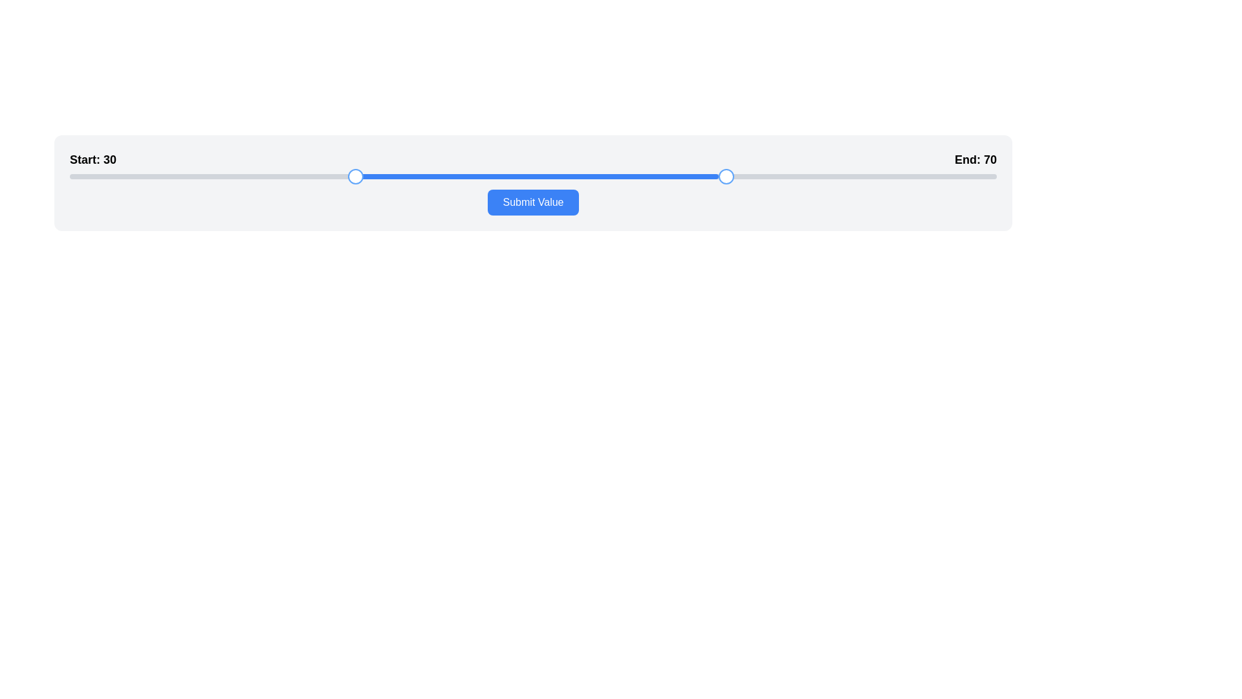  Describe the element at coordinates (633, 177) in the screenshot. I see `the slider thumb` at that location.